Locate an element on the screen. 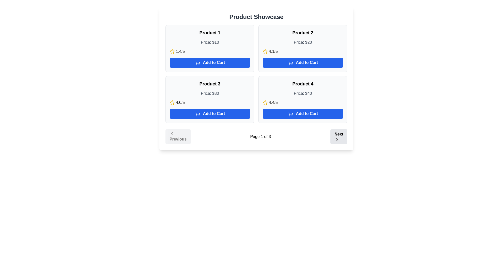  the button in the bottom-right corner of the interface is located at coordinates (339, 136).